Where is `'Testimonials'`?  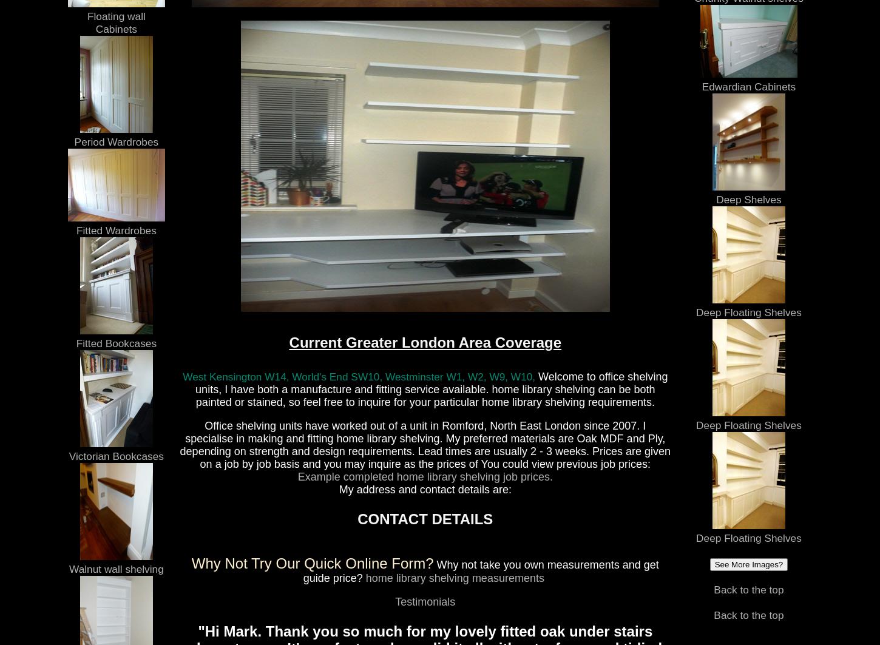
'Testimonials' is located at coordinates (394, 601).